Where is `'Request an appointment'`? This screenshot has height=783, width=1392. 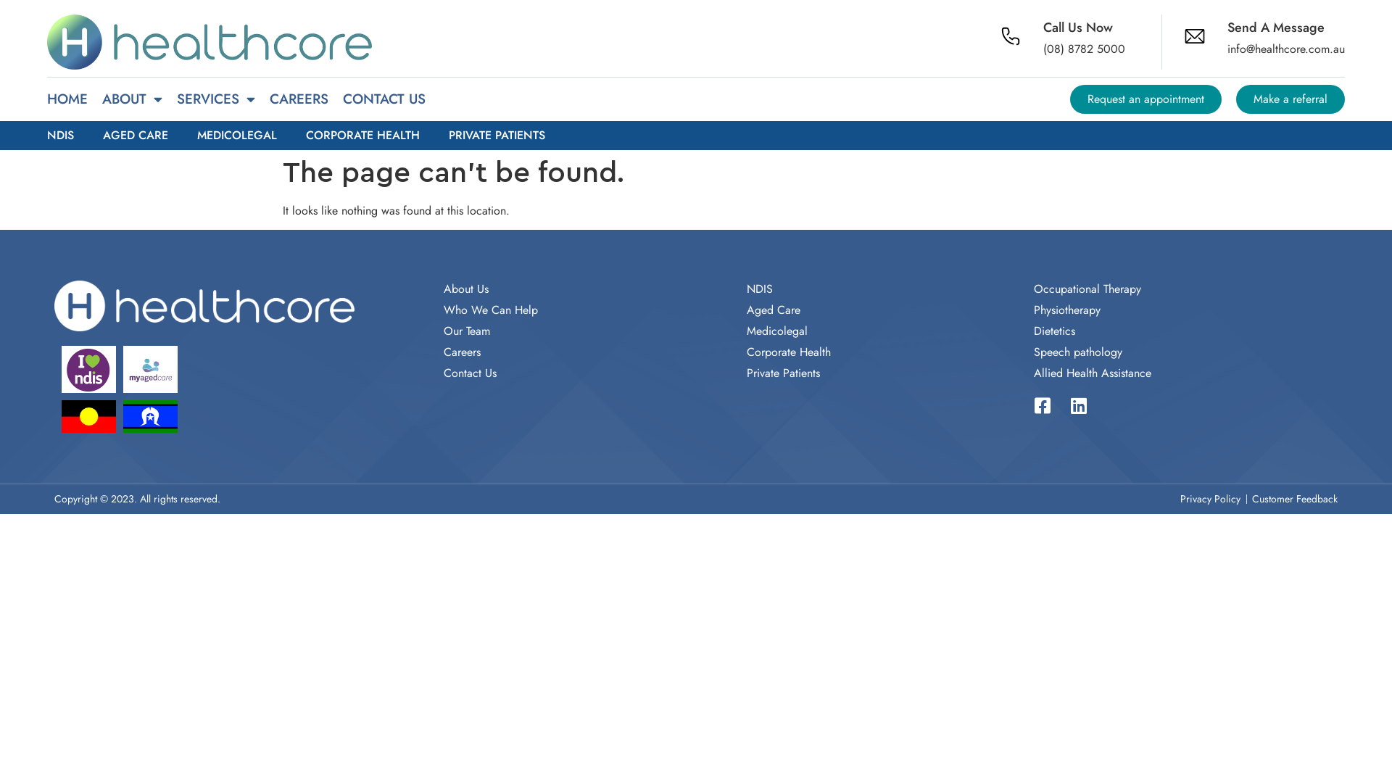
'Request an appointment' is located at coordinates (1145, 99).